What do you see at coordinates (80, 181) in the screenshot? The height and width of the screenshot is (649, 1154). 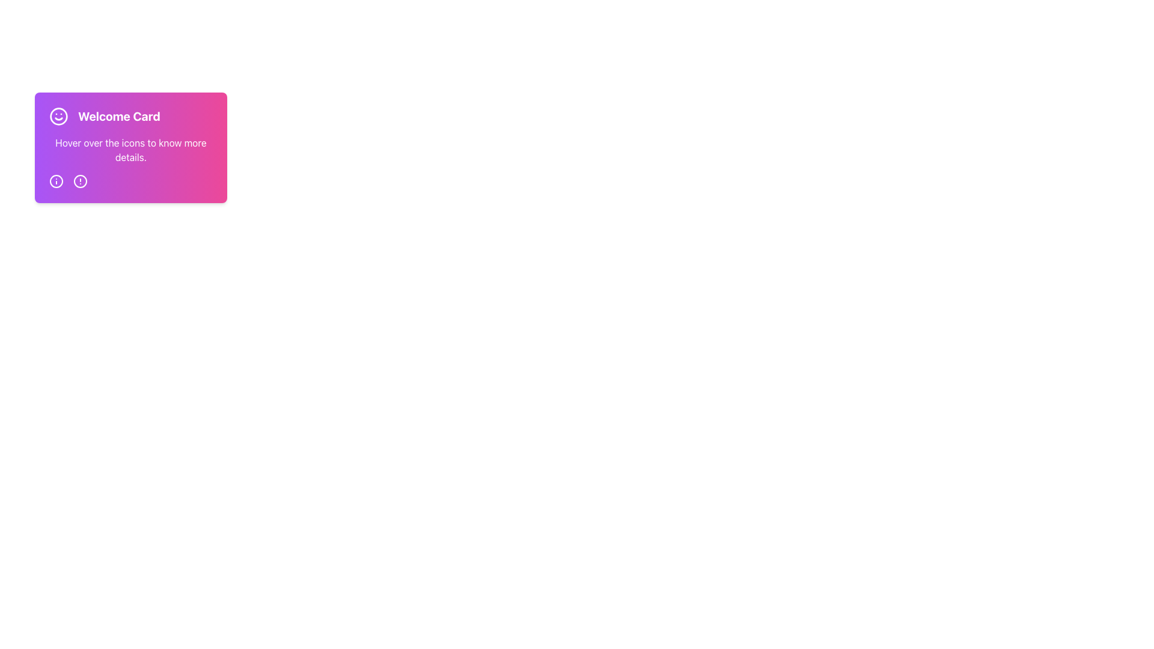 I see `the warning indicator icon located at the bottom of the 'Welcome Card', which is the second circular icon to the right of the information symbol` at bounding box center [80, 181].